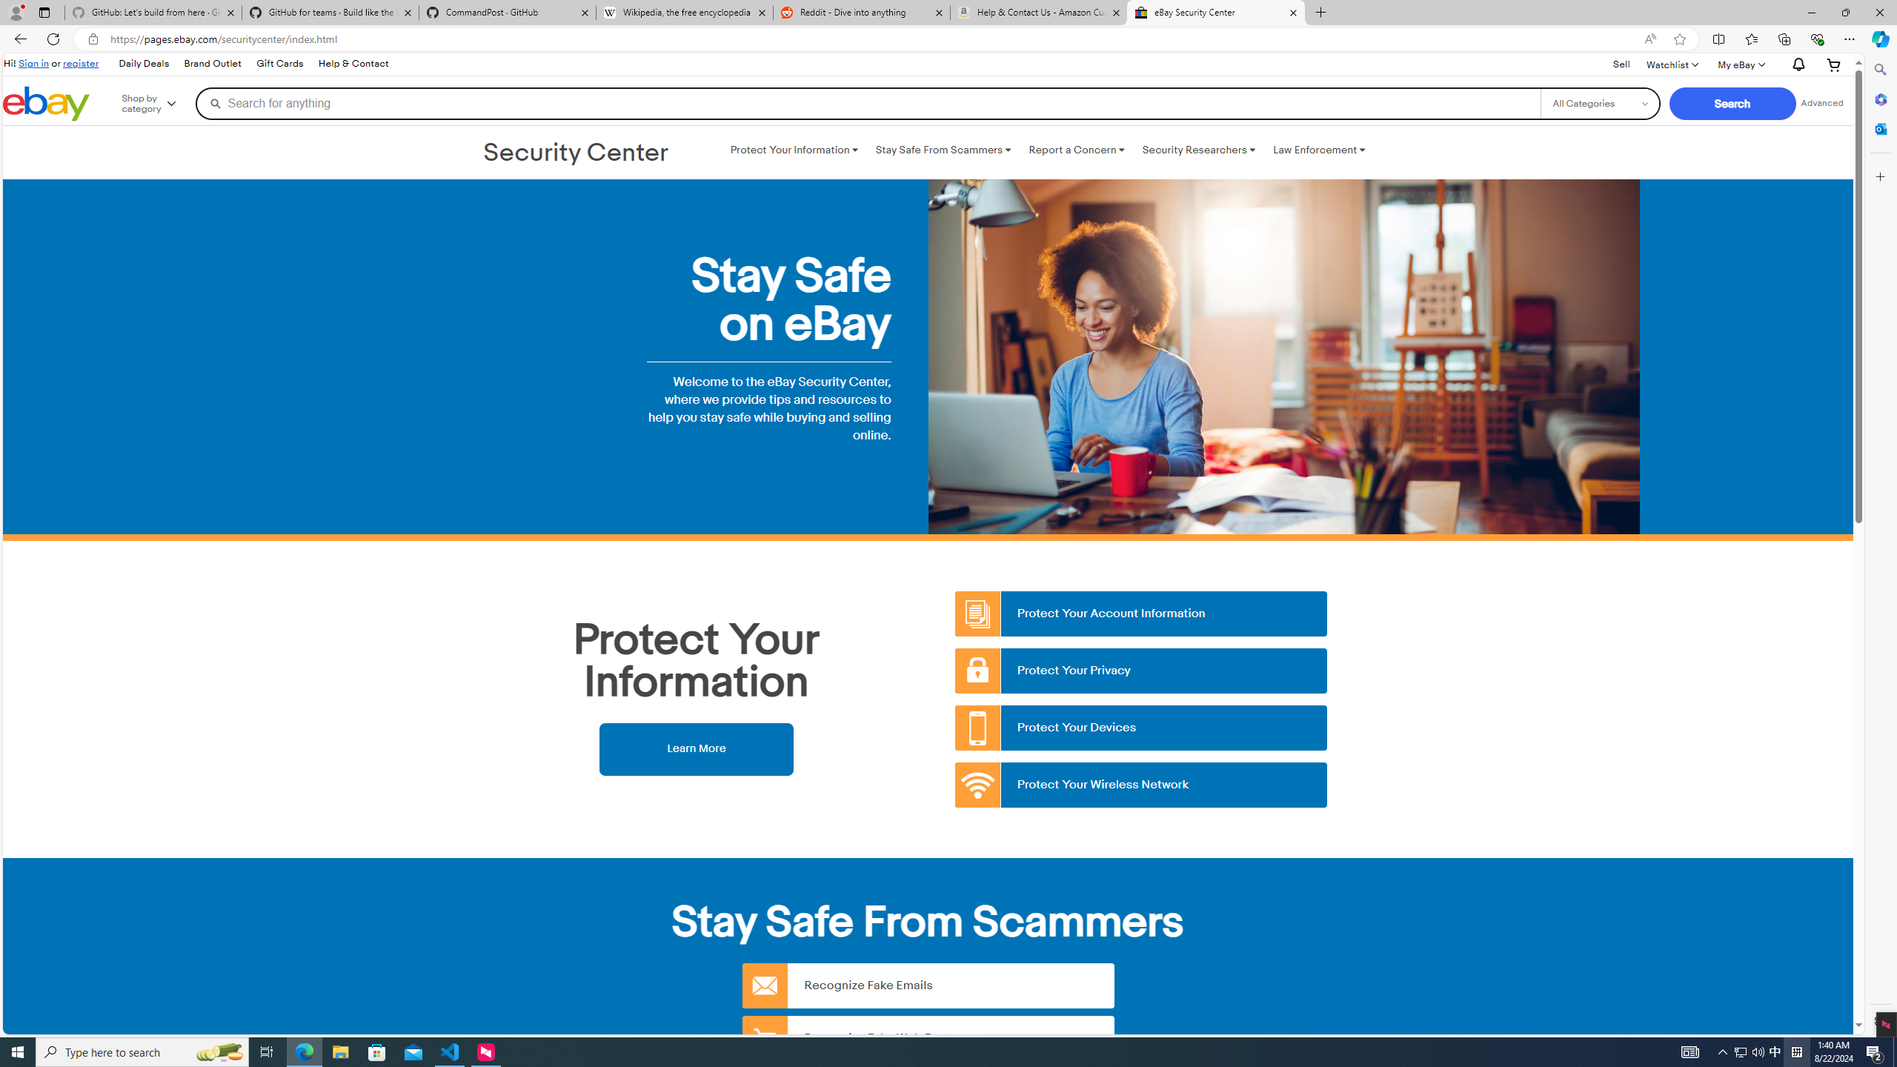  Describe the element at coordinates (211, 63) in the screenshot. I see `'Brand Outlet'` at that location.